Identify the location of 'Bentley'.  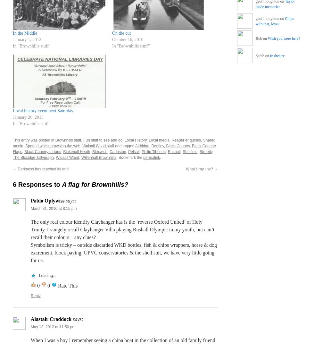
(157, 145).